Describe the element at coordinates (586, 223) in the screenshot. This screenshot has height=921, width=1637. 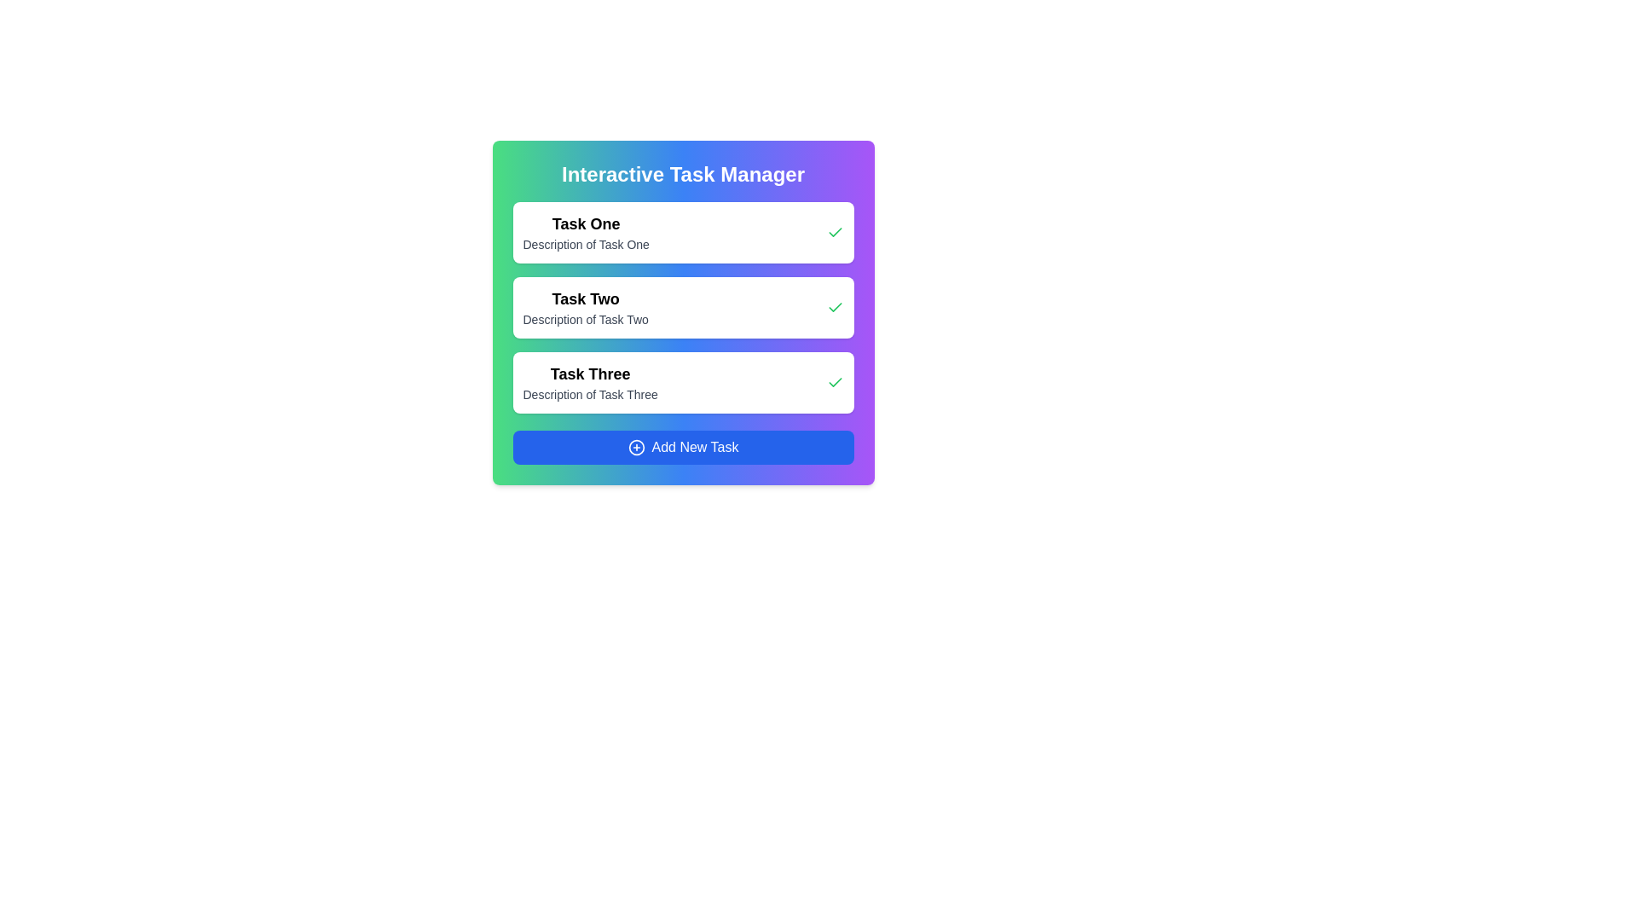
I see `the static text label that identifies 'Task One' located near the top left of the card in the 'Interactive Task Manager'` at that location.